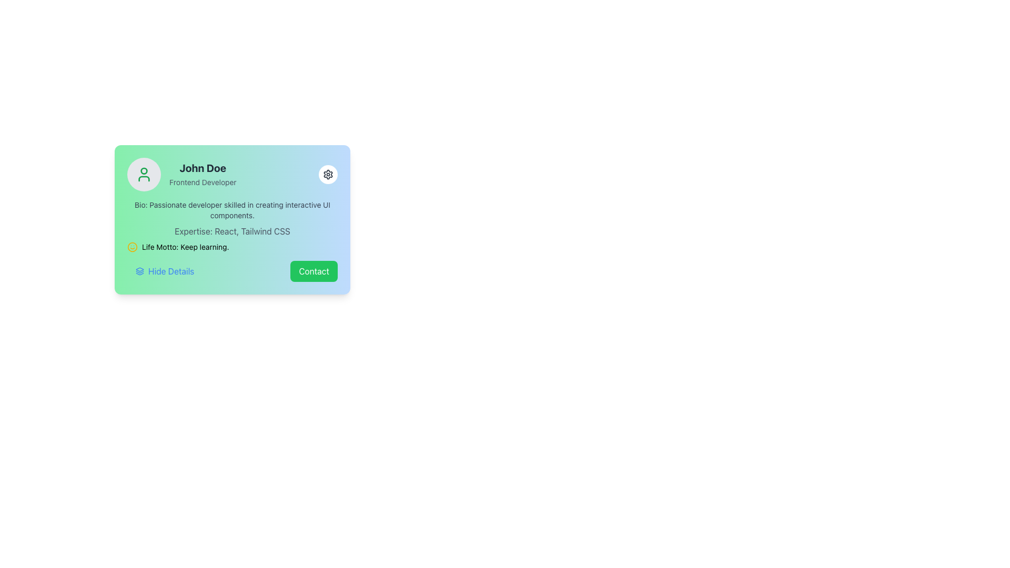 The image size is (1010, 568). I want to click on the Profile card, which includes the name, professional title, biography, areas of expertise, and life motto, located at the specified coordinates, so click(231, 219).